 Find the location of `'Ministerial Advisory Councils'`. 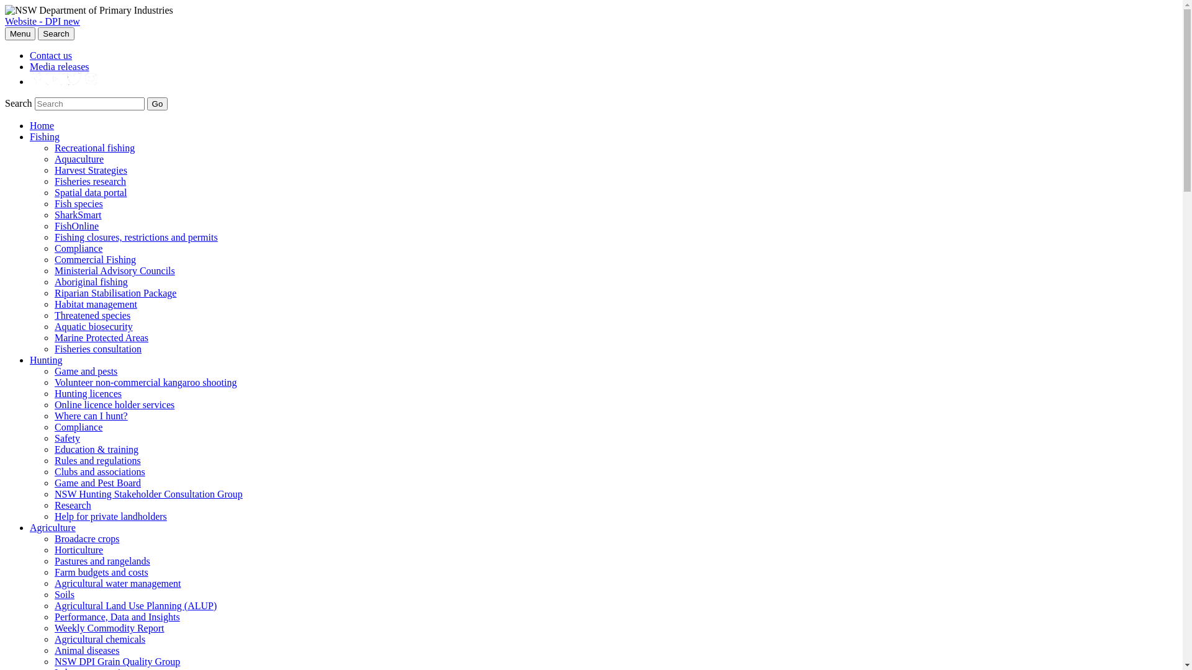

'Ministerial Advisory Councils' is located at coordinates (53, 270).